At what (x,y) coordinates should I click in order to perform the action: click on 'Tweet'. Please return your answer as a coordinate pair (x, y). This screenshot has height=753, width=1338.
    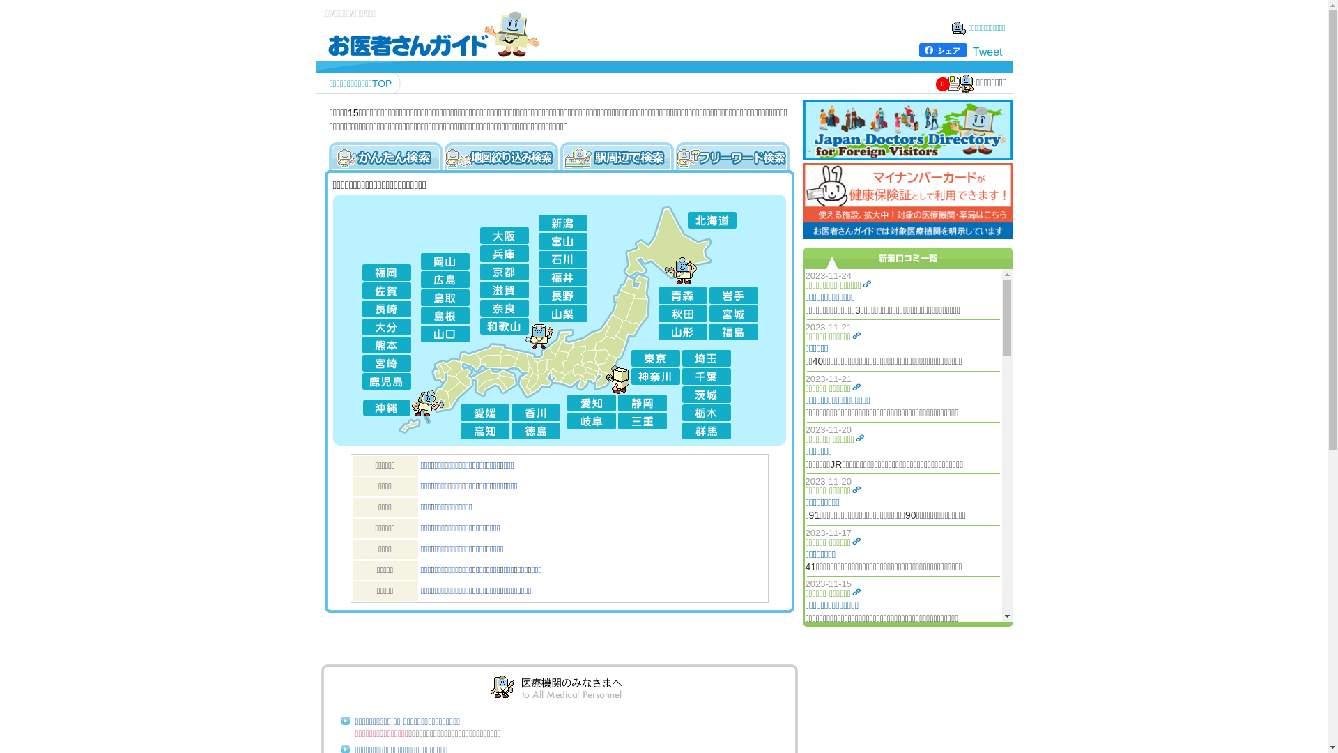
    Looking at the image, I should click on (987, 51).